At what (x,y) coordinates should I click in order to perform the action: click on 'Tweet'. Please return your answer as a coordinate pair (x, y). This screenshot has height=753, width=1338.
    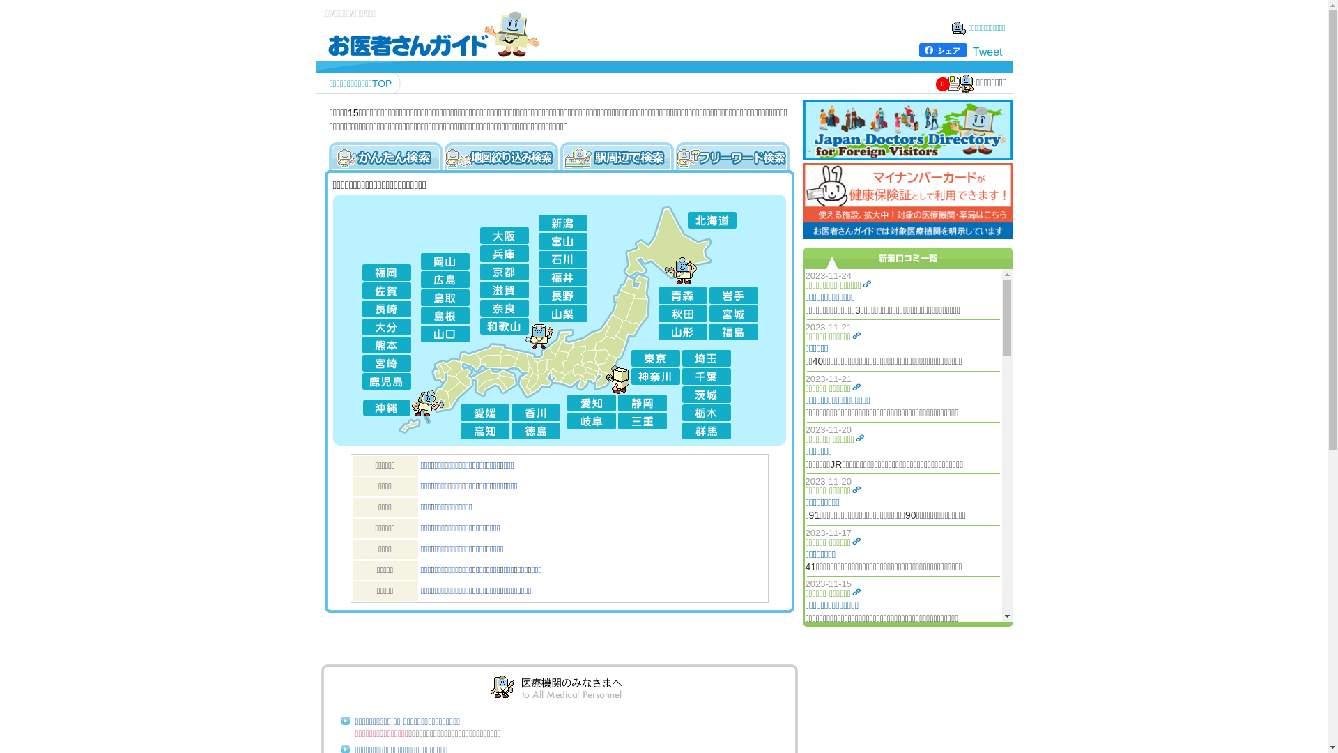
    Looking at the image, I should click on (987, 51).